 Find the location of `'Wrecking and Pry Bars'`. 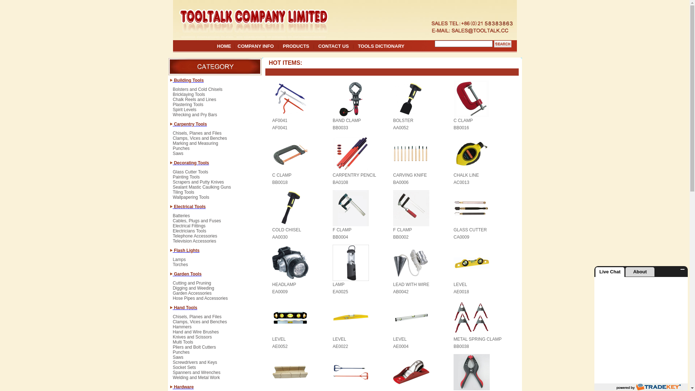

'Wrecking and Pry Bars' is located at coordinates (195, 114).